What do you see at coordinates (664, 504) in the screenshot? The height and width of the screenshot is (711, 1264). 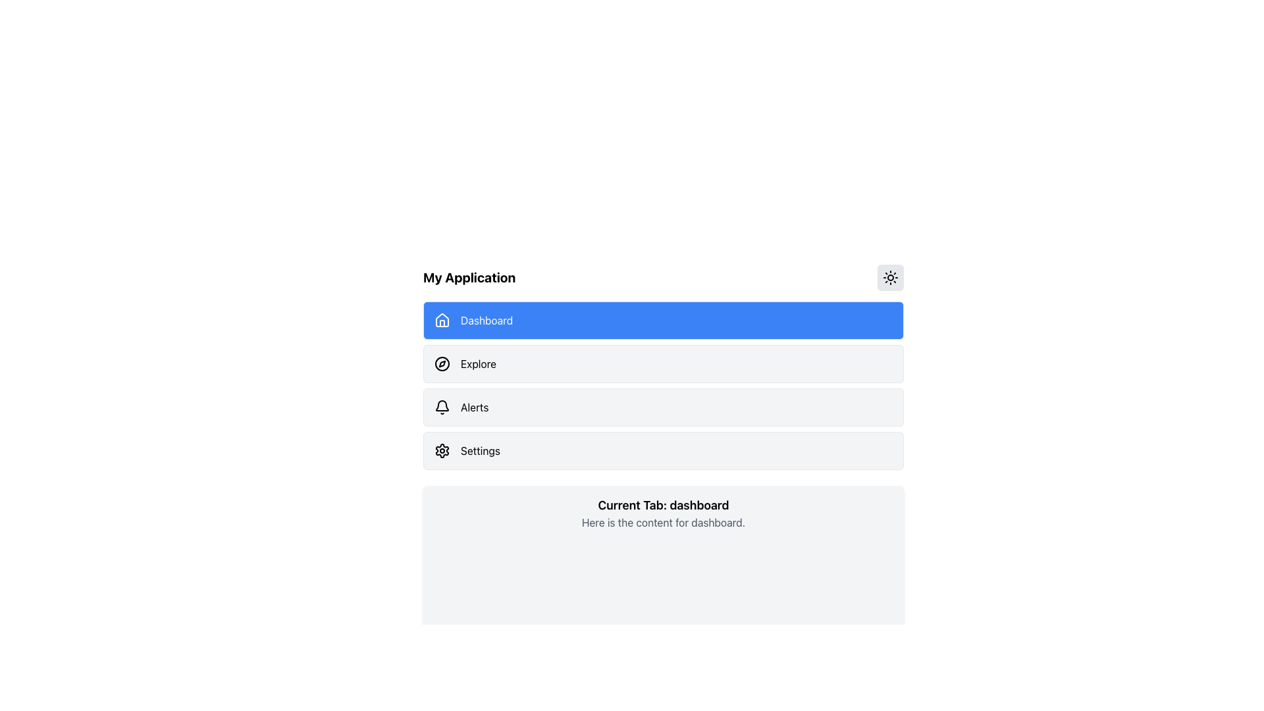 I see `Text Label that indicates the currently active tab of the application interface, located on the right side near the bottom of a gray-colored box` at bounding box center [664, 504].